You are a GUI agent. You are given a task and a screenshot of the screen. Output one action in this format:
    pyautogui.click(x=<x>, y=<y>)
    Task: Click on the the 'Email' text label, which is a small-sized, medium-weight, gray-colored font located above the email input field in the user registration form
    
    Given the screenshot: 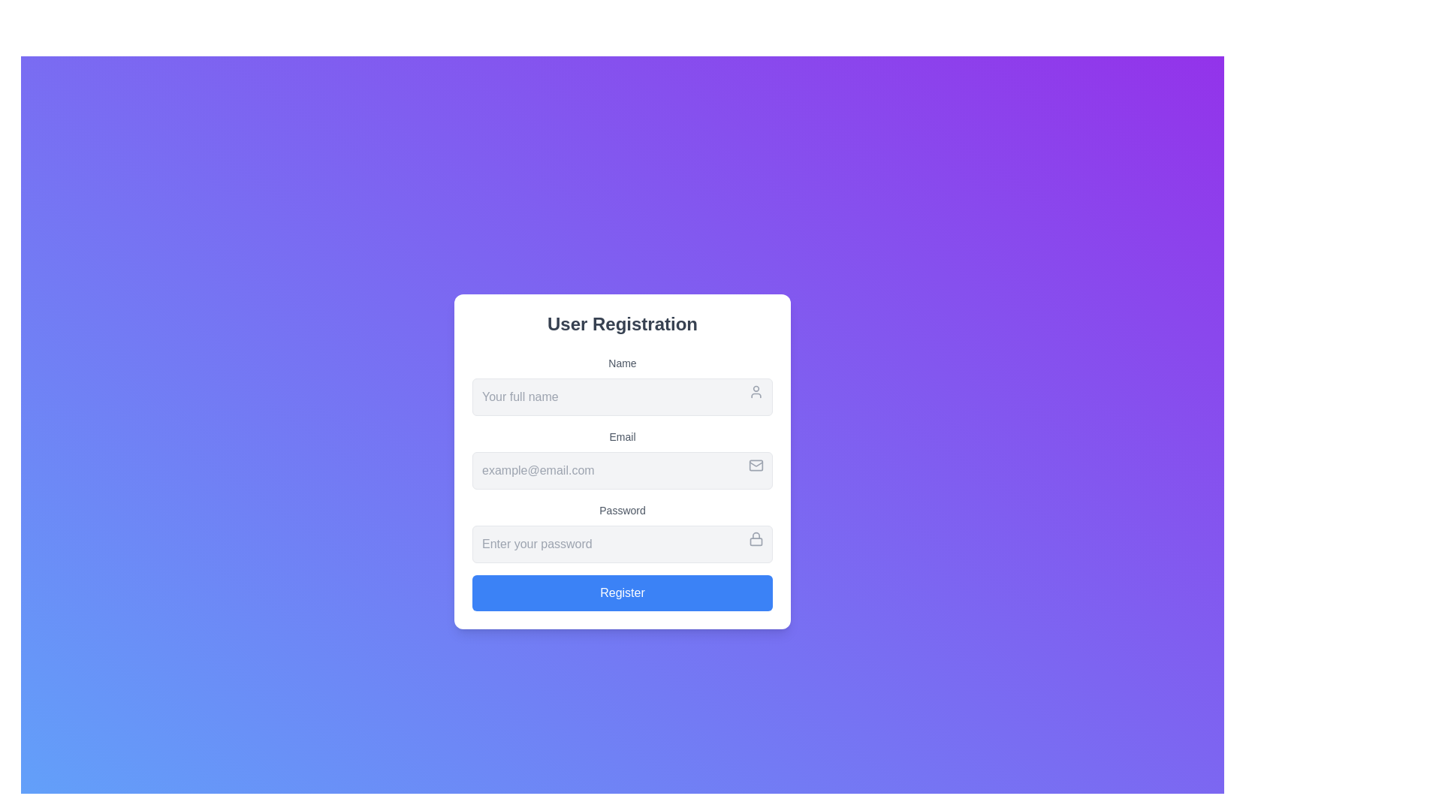 What is the action you would take?
    pyautogui.click(x=623, y=437)
    